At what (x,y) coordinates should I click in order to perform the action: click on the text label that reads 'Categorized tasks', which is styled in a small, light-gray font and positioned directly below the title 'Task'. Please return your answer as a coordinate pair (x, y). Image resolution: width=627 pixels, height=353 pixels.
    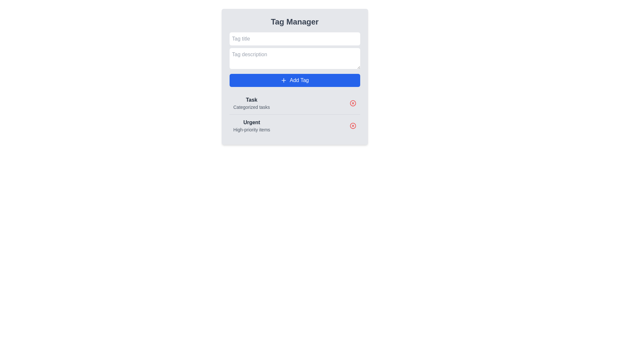
    Looking at the image, I should click on (251, 107).